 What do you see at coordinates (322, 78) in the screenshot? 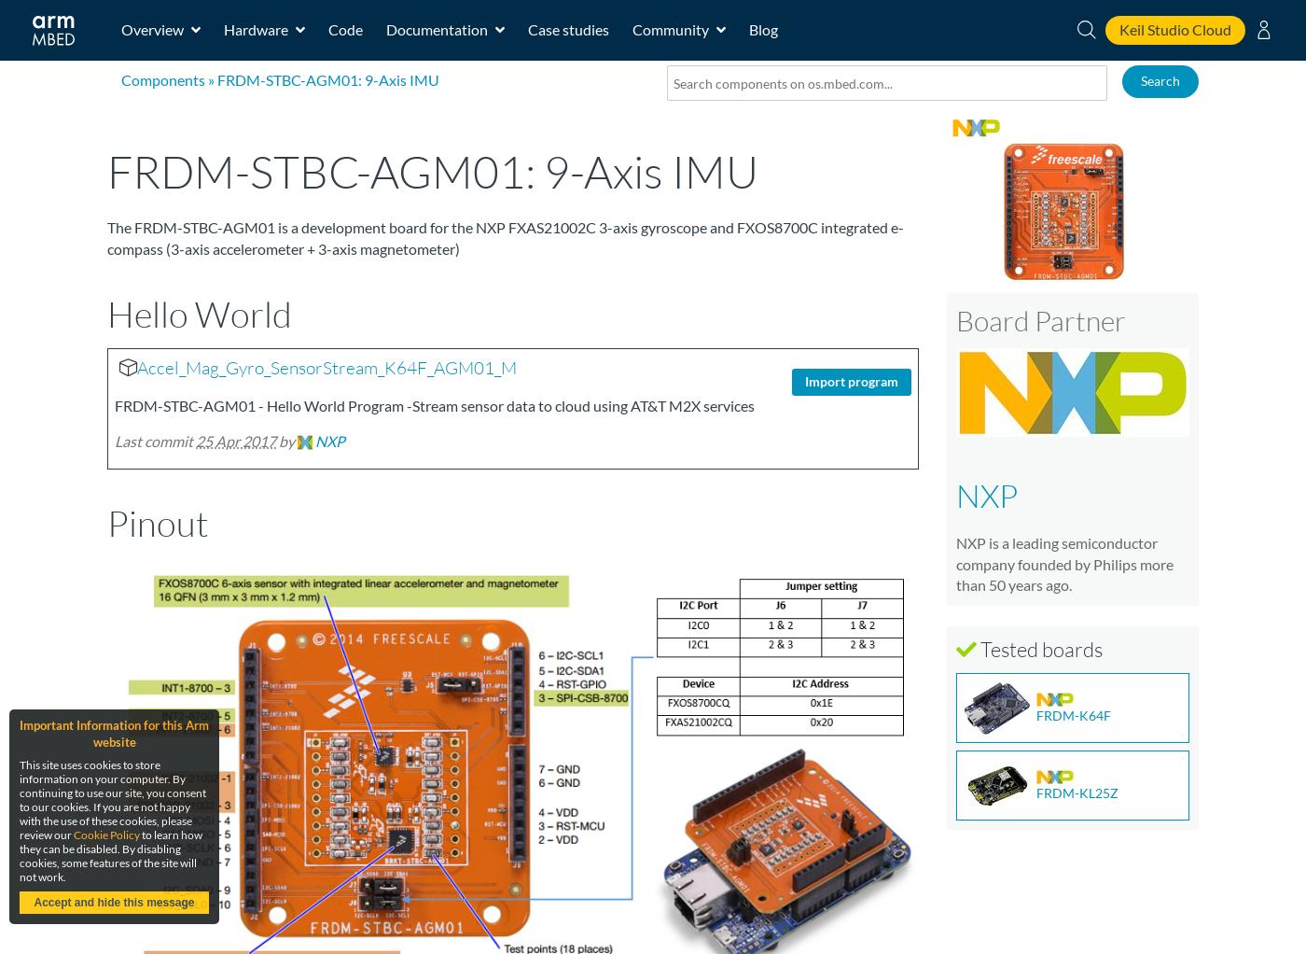
I see `'» FRDM-STBC-AGM01: 9-Axis IMU'` at bounding box center [322, 78].